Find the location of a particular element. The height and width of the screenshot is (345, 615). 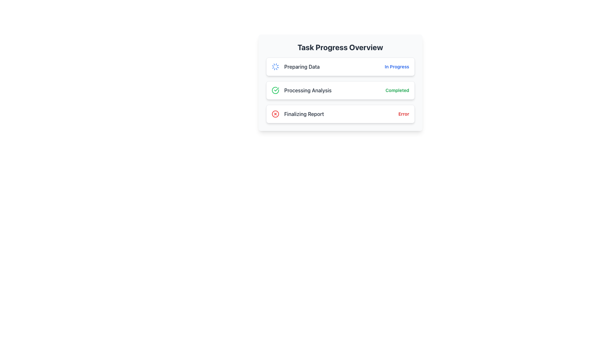

the completion status icon located to the left of the 'Processing Analysis' text is located at coordinates (275, 90).